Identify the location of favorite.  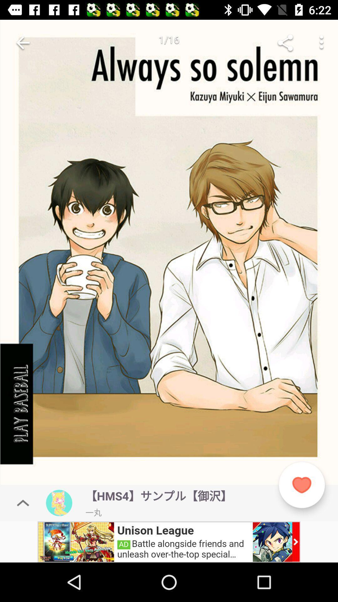
(301, 485).